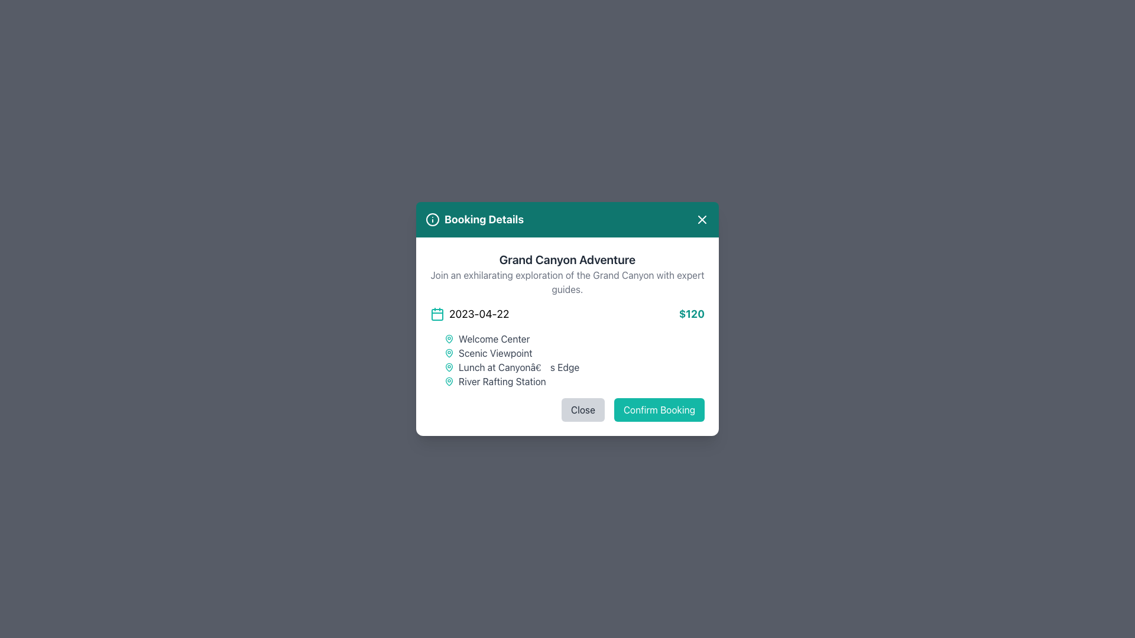 The width and height of the screenshot is (1135, 638). What do you see at coordinates (432, 219) in the screenshot?
I see `the information icon located in the top header bar of the modal dialog, positioned to the left of 'Booking Details', to obtain additional information` at bounding box center [432, 219].